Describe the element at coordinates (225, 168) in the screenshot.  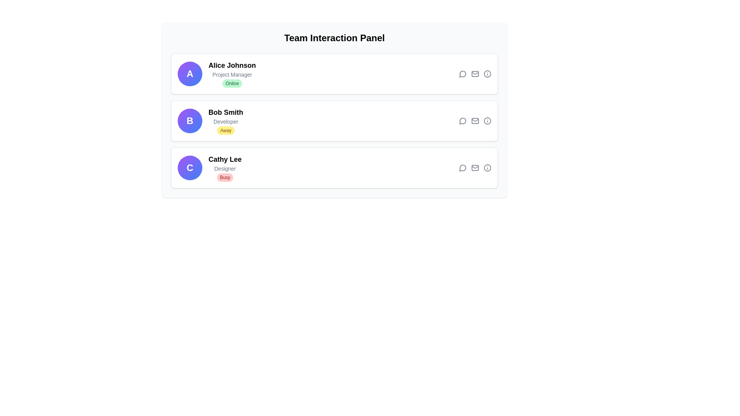
I see `the text element reading 'Designer', which is styled with a small font size and gray color, located below 'Cathy Lee' and above the 'Busy' status indicator in the profile section of 'Cathy Lee'` at that location.